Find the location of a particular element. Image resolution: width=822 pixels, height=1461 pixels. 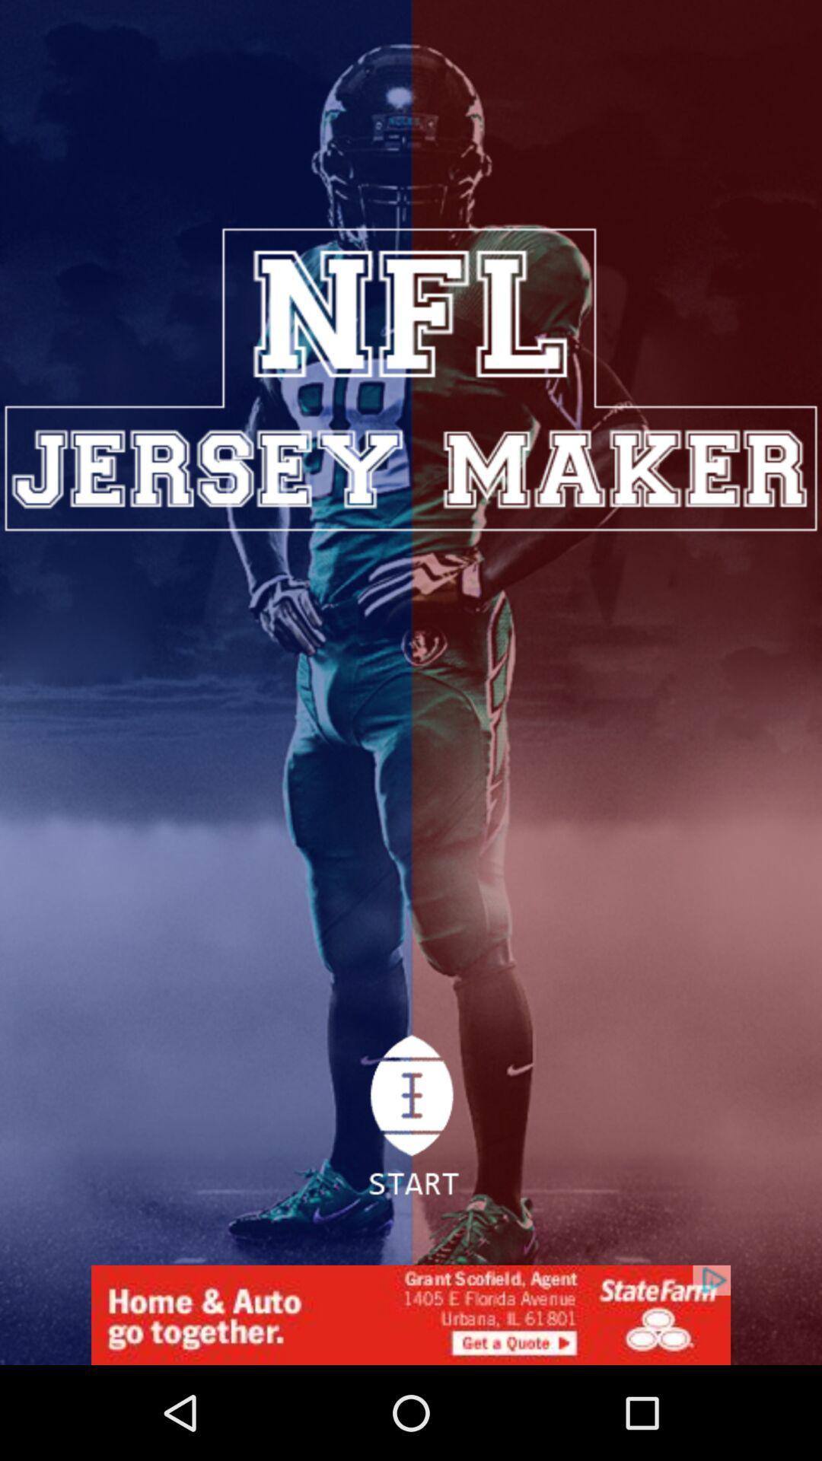

the start button is located at coordinates (409, 1124).